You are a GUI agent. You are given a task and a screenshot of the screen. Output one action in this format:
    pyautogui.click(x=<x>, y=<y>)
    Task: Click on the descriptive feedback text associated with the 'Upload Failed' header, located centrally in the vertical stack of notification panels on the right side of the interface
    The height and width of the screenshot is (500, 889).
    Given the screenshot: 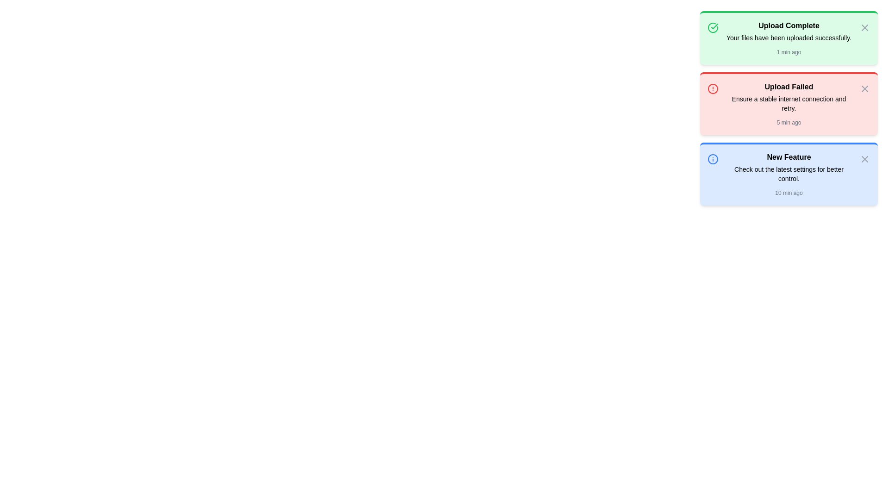 What is the action you would take?
    pyautogui.click(x=789, y=103)
    